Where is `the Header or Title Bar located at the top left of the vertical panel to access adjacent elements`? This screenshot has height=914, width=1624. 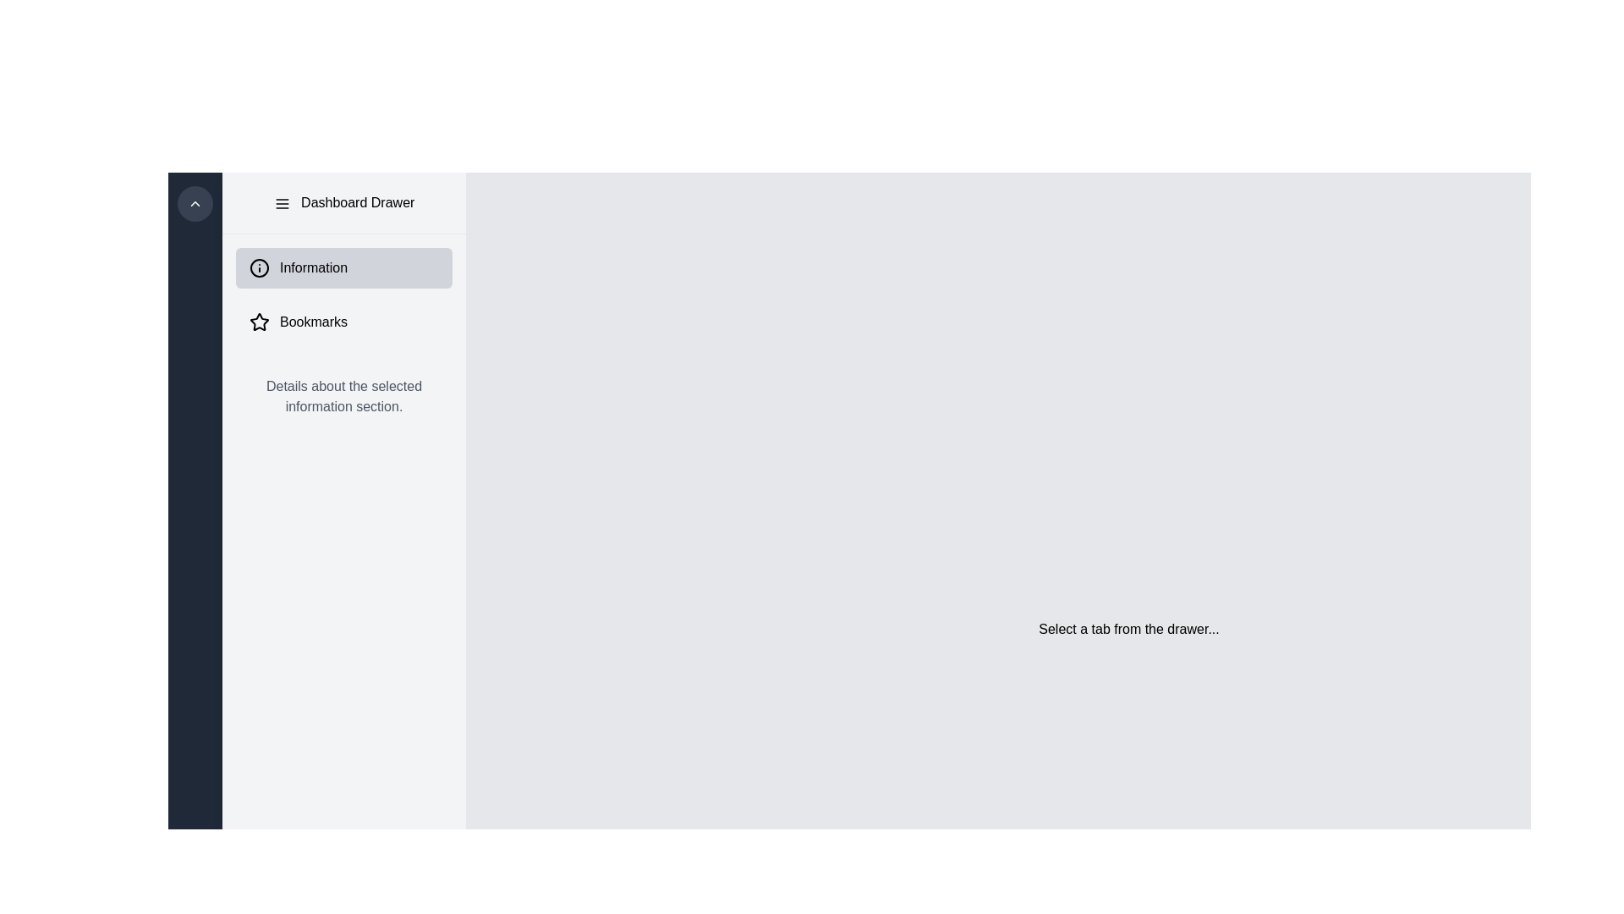 the Header or Title Bar located at the top left of the vertical panel to access adjacent elements is located at coordinates (343, 201).